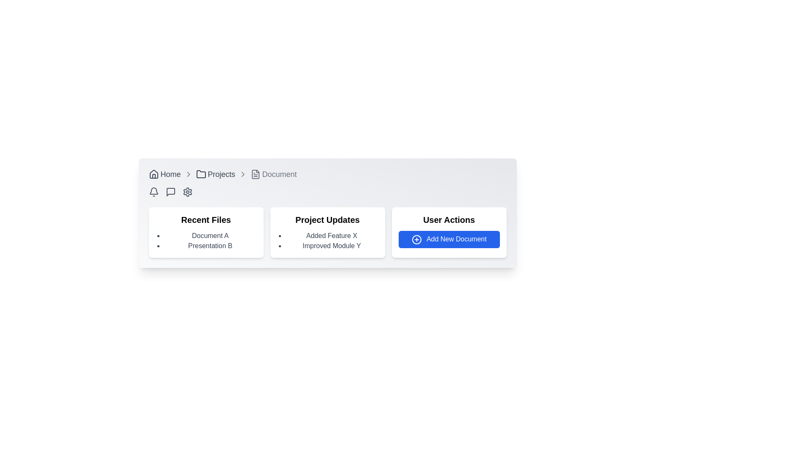 This screenshot has height=455, width=810. I want to click on the 'Projects' hyperlink in the breadcrumb navigation bar, so click(216, 174).